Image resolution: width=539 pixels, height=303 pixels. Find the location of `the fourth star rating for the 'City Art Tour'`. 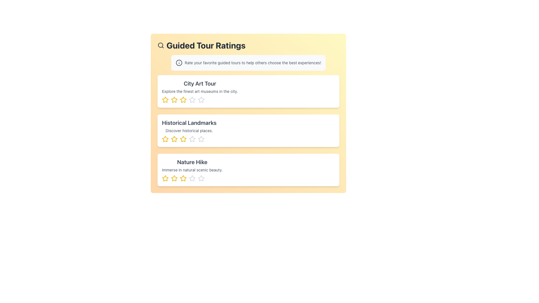

the fourth star rating for the 'City Art Tour' is located at coordinates (201, 99).